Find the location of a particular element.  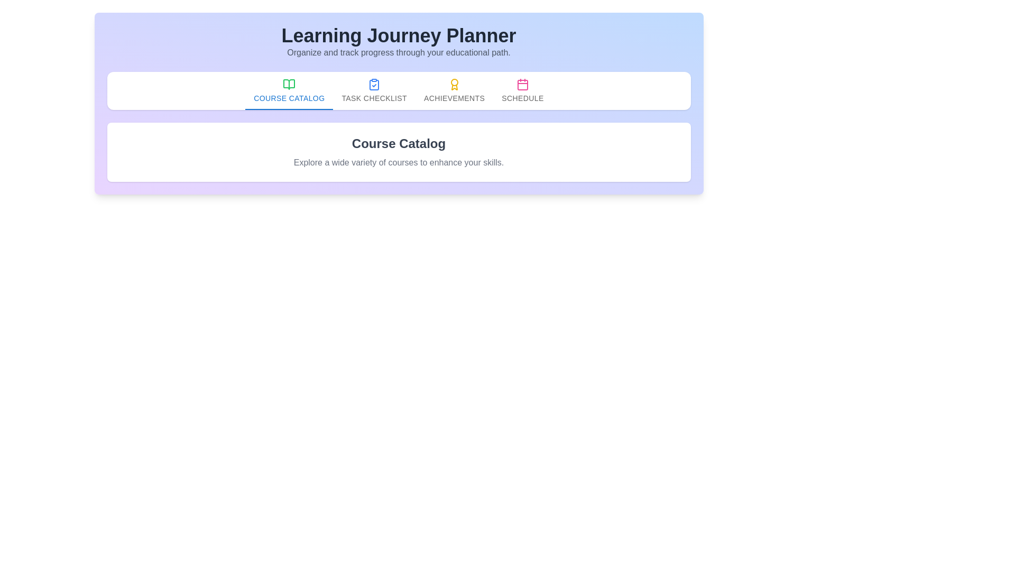

the visual indicator located underneath the 'Course Catalog' tab in the navigation bar to check the active tab selection is located at coordinates (289, 109).